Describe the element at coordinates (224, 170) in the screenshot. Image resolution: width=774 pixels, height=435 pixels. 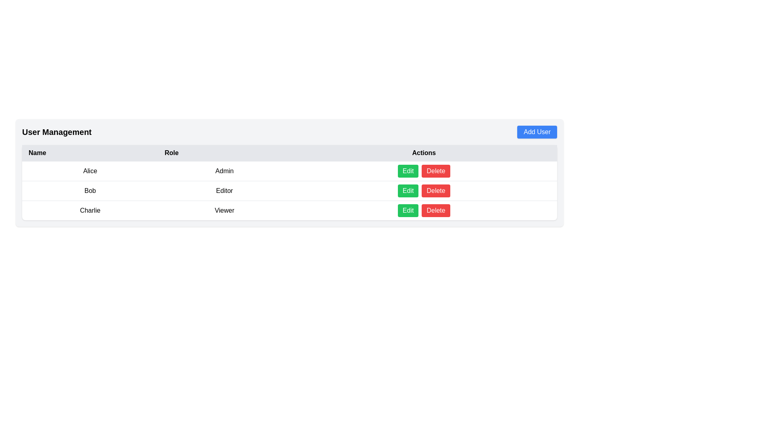
I see `the text label that identifies the role of user 'Alice' in the user management table, located in the second column of the first row` at that location.